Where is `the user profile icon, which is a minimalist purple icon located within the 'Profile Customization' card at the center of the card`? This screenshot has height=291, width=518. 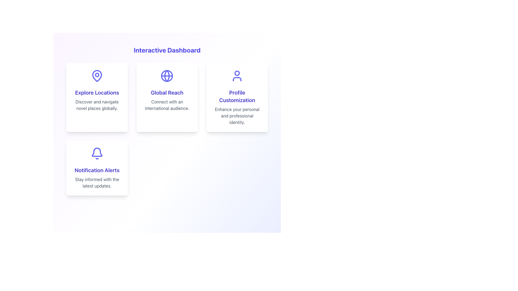
the user profile icon, which is a minimalist purple icon located within the 'Profile Customization' card at the center of the card is located at coordinates (237, 76).